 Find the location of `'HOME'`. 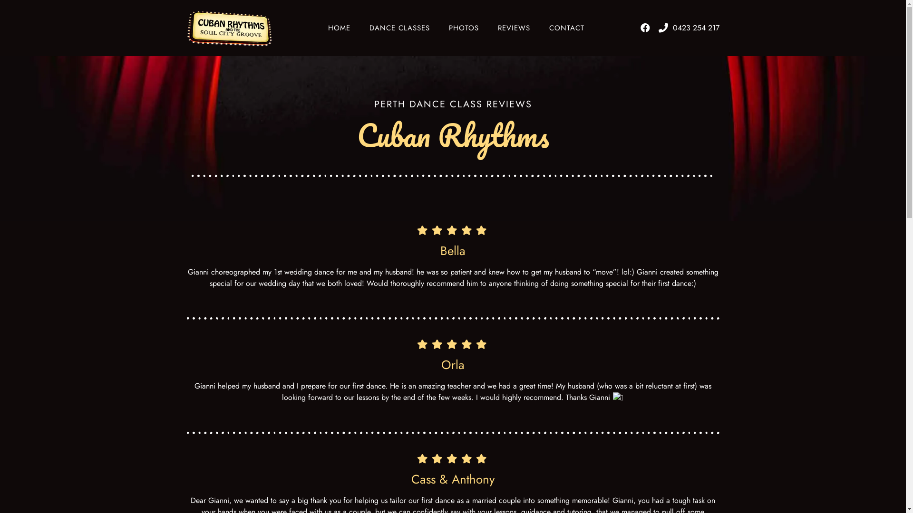

'HOME' is located at coordinates (339, 27).